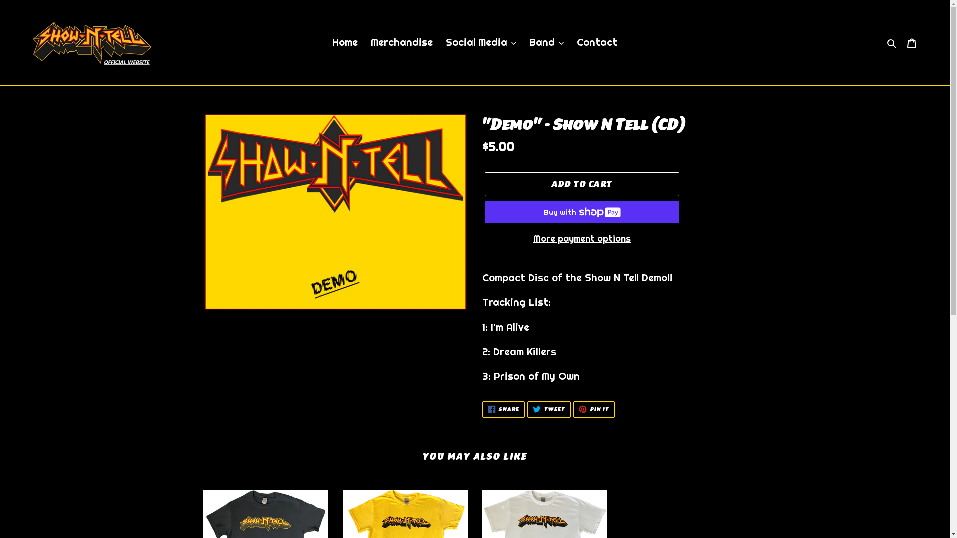 This screenshot has height=538, width=957. Describe the element at coordinates (526, 409) in the screenshot. I see `'TWEET` at that location.